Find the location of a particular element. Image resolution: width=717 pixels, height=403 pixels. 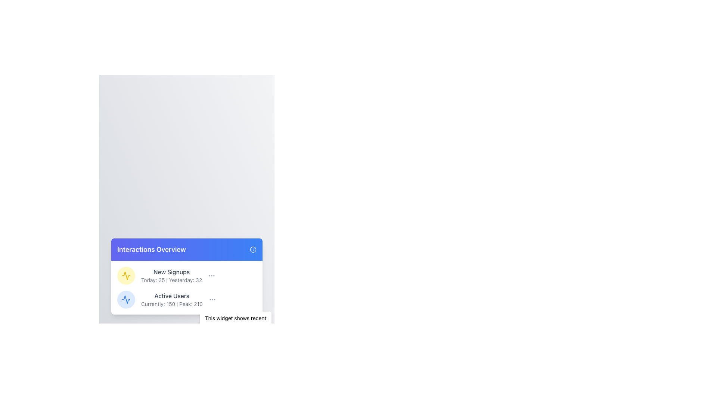

the action icon located on the far right side of the blue header section labeled 'Interactions Overview' is located at coordinates (253, 249).